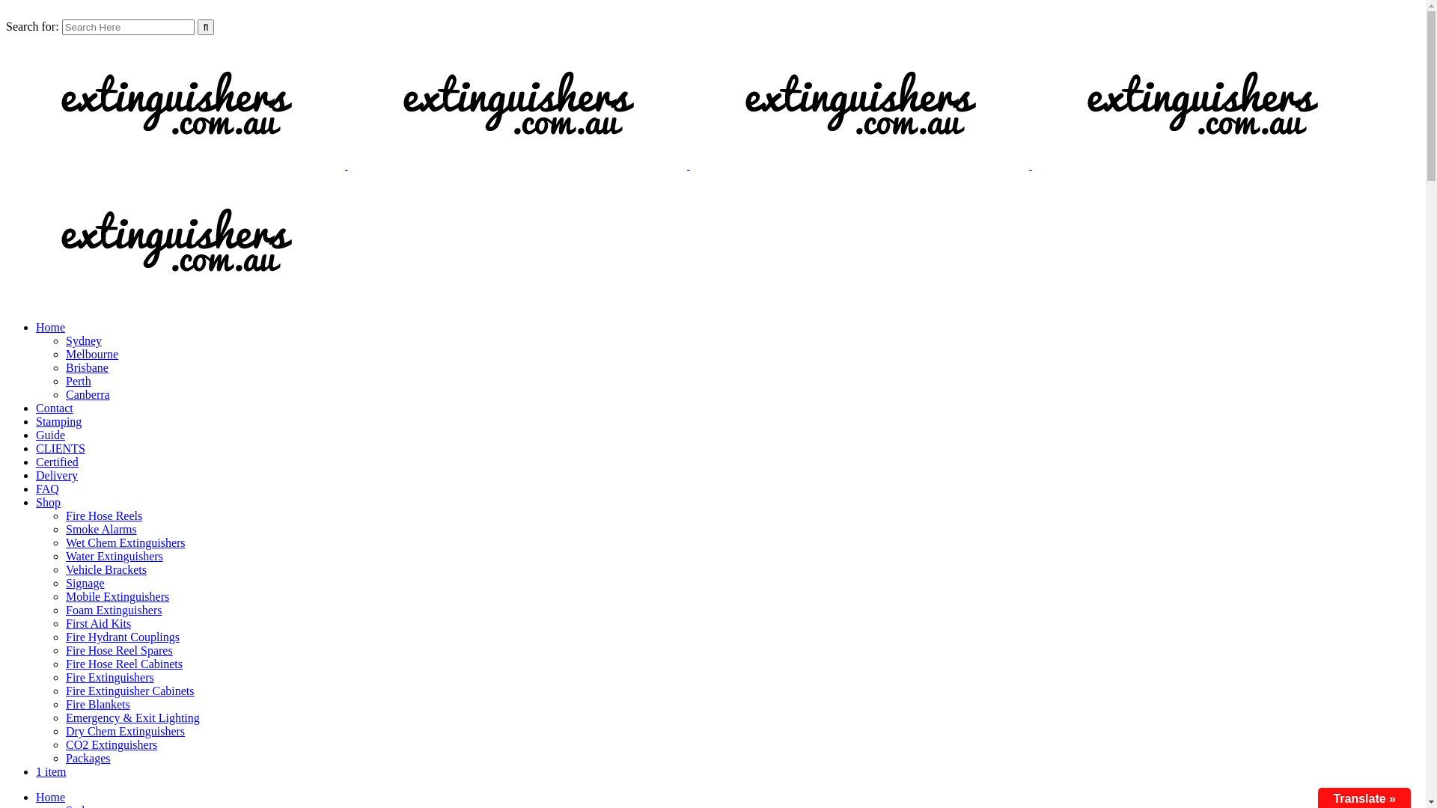 This screenshot has height=808, width=1437. I want to click on 'Fire Extinguishers', so click(109, 677).